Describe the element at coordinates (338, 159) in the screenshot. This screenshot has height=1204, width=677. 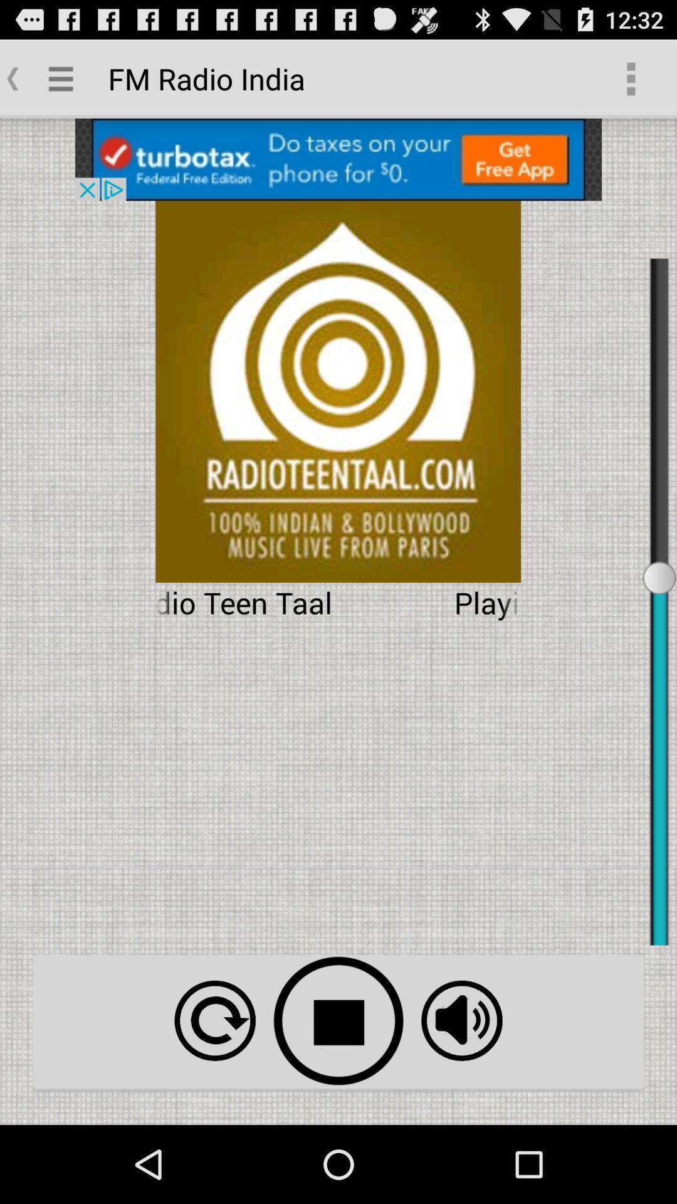
I see `open advertisement` at that location.